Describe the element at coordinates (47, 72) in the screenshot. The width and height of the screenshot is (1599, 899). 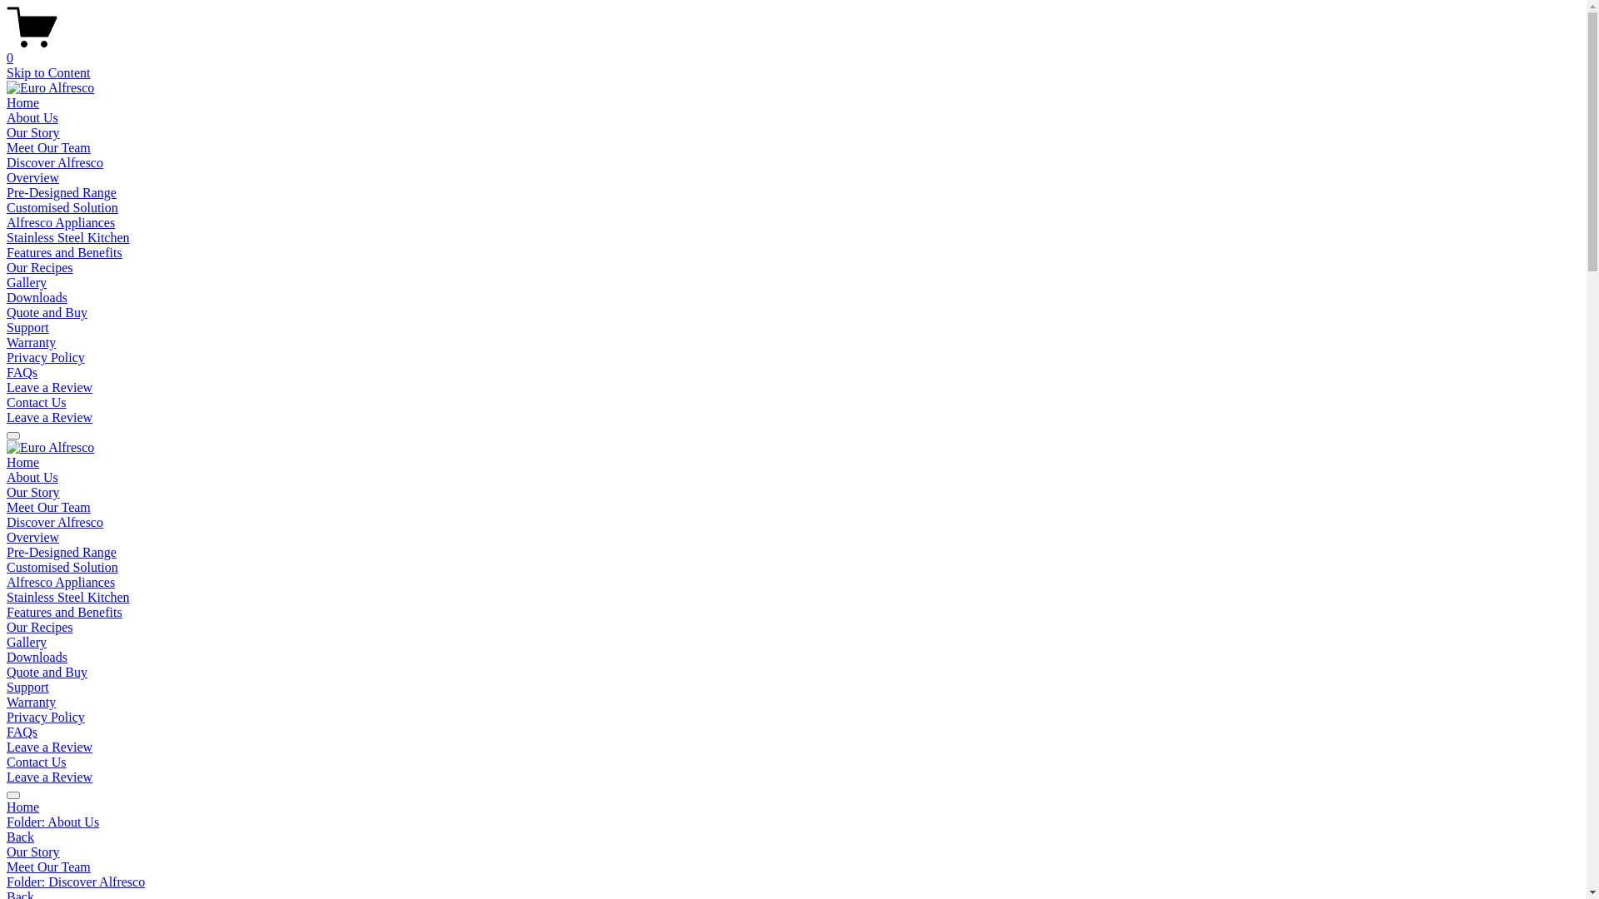
I see `'Skip to Content'` at that location.